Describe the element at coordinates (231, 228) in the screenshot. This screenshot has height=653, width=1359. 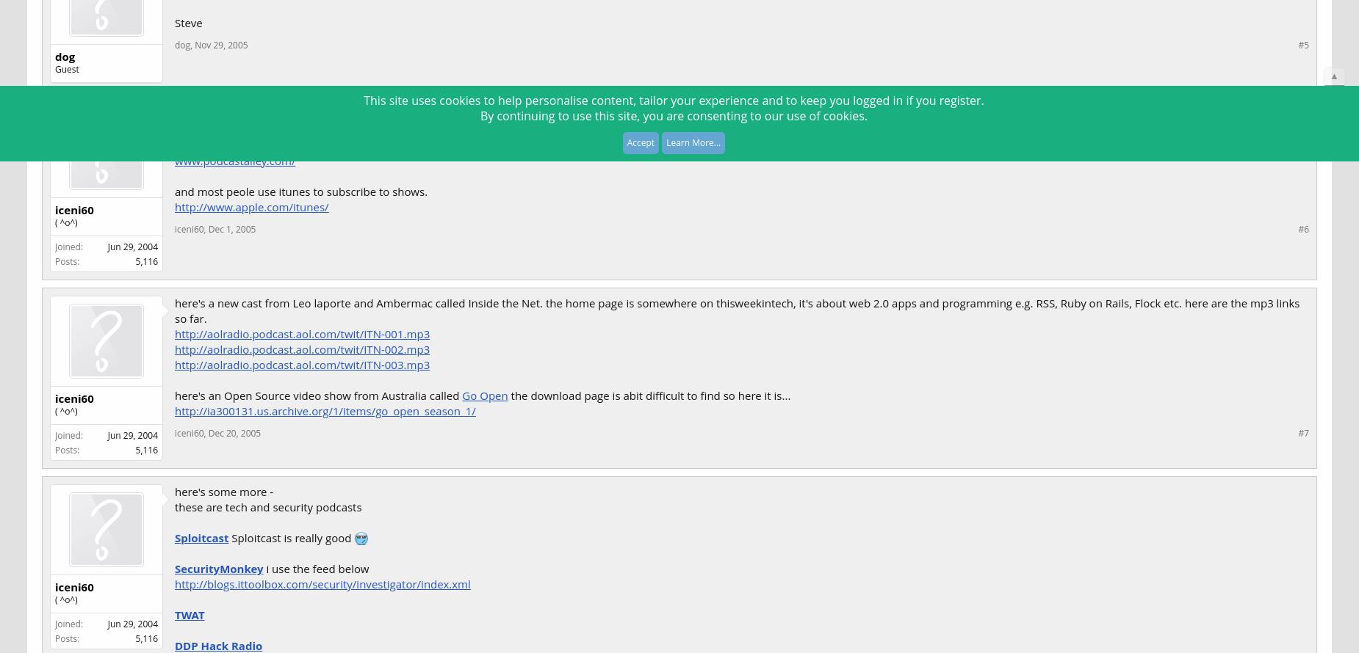
I see `'Dec 1, 2005'` at that location.